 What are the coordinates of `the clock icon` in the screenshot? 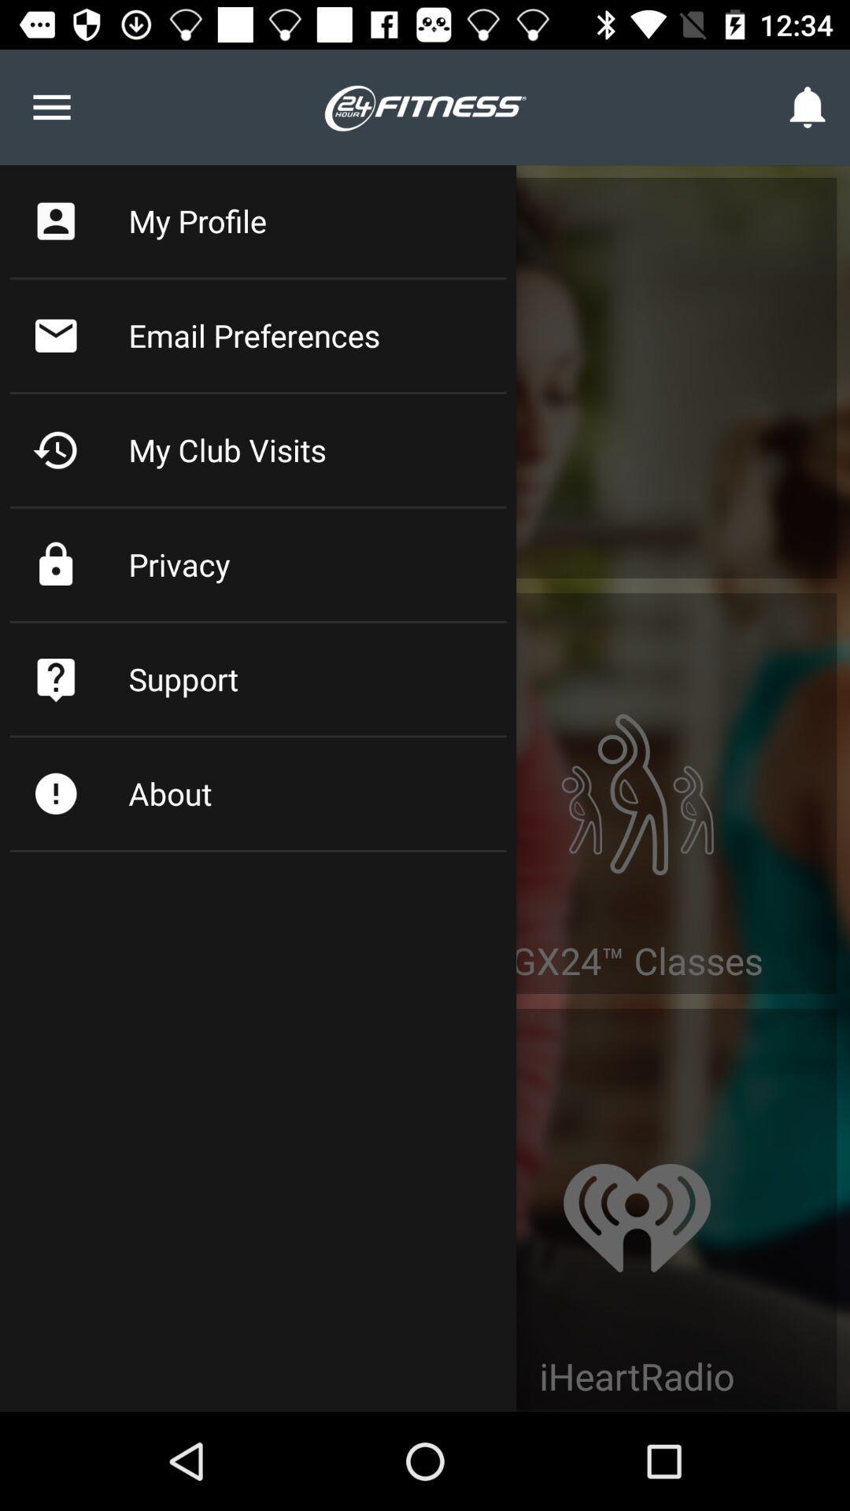 It's located at (55, 449).